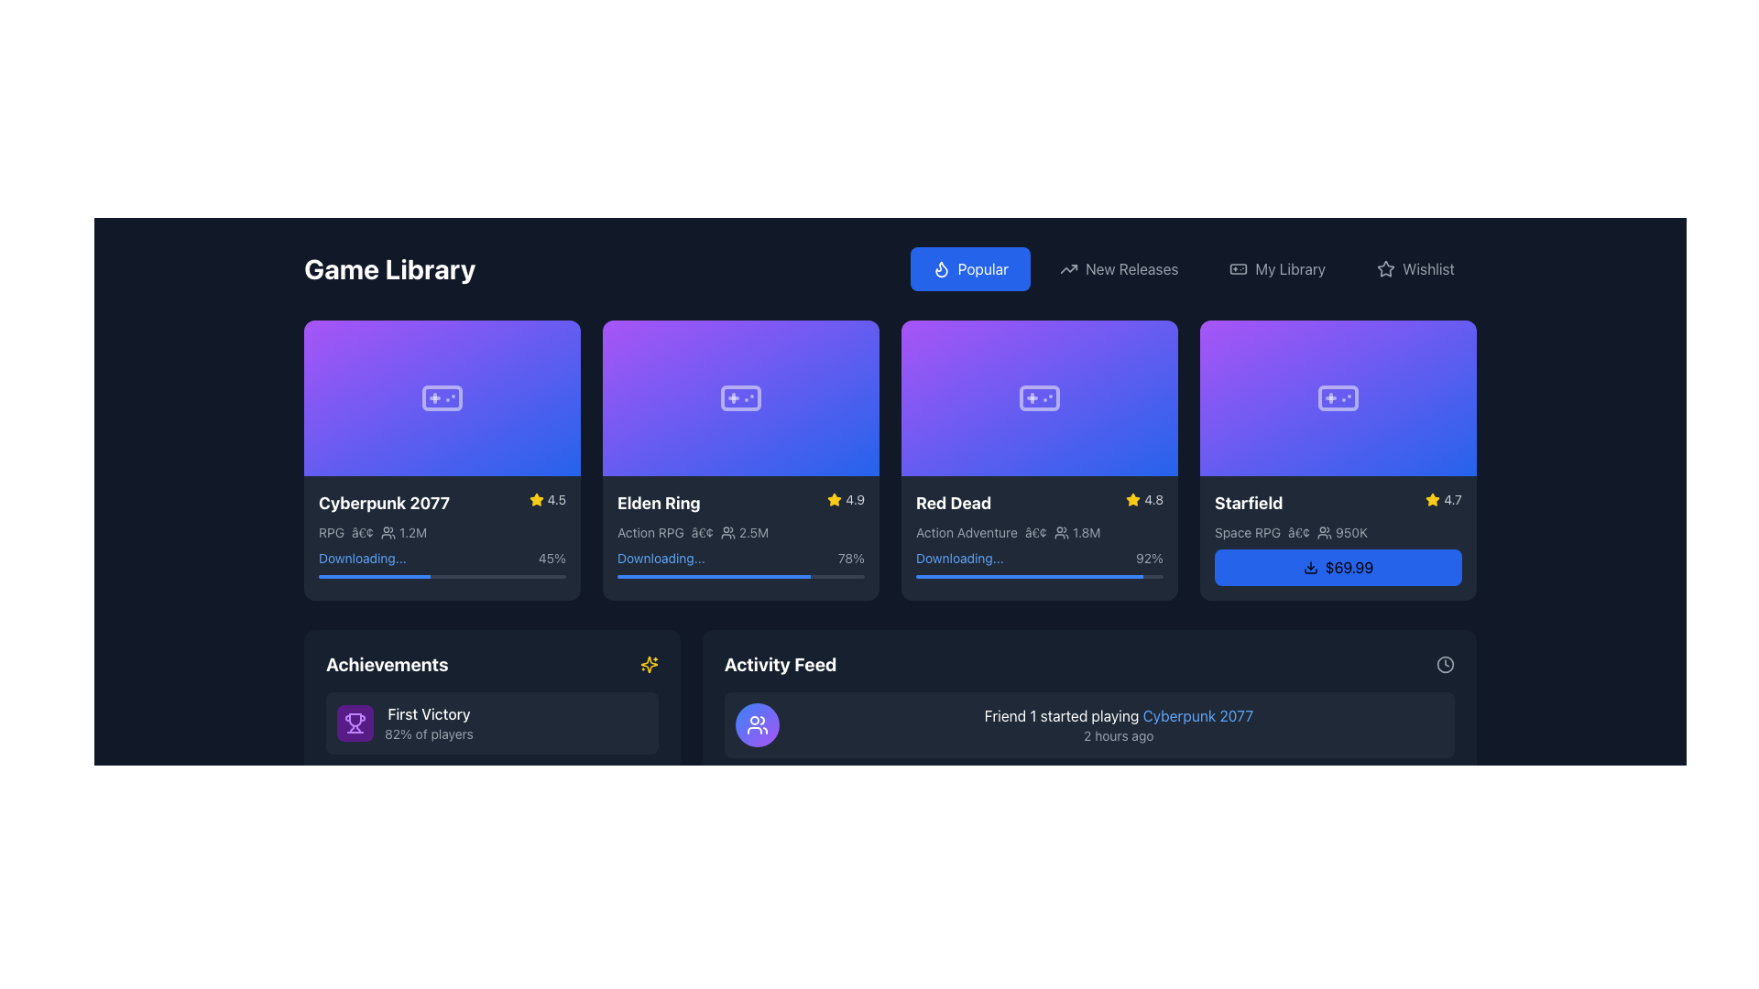 This screenshot has height=989, width=1759. What do you see at coordinates (1039, 502) in the screenshot?
I see `the text label group containing the title 'Red Dead' and the rating '4.8'` at bounding box center [1039, 502].